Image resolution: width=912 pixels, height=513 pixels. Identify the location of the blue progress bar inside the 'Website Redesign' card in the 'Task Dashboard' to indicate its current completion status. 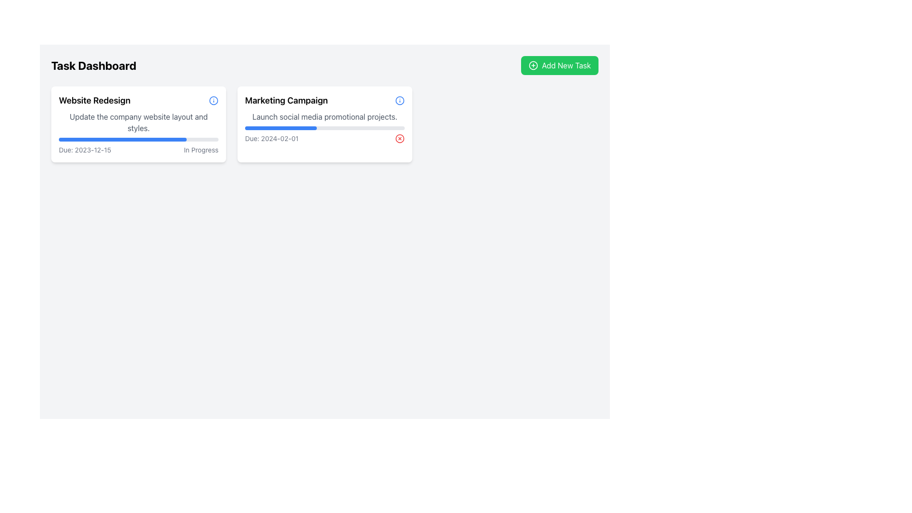
(122, 139).